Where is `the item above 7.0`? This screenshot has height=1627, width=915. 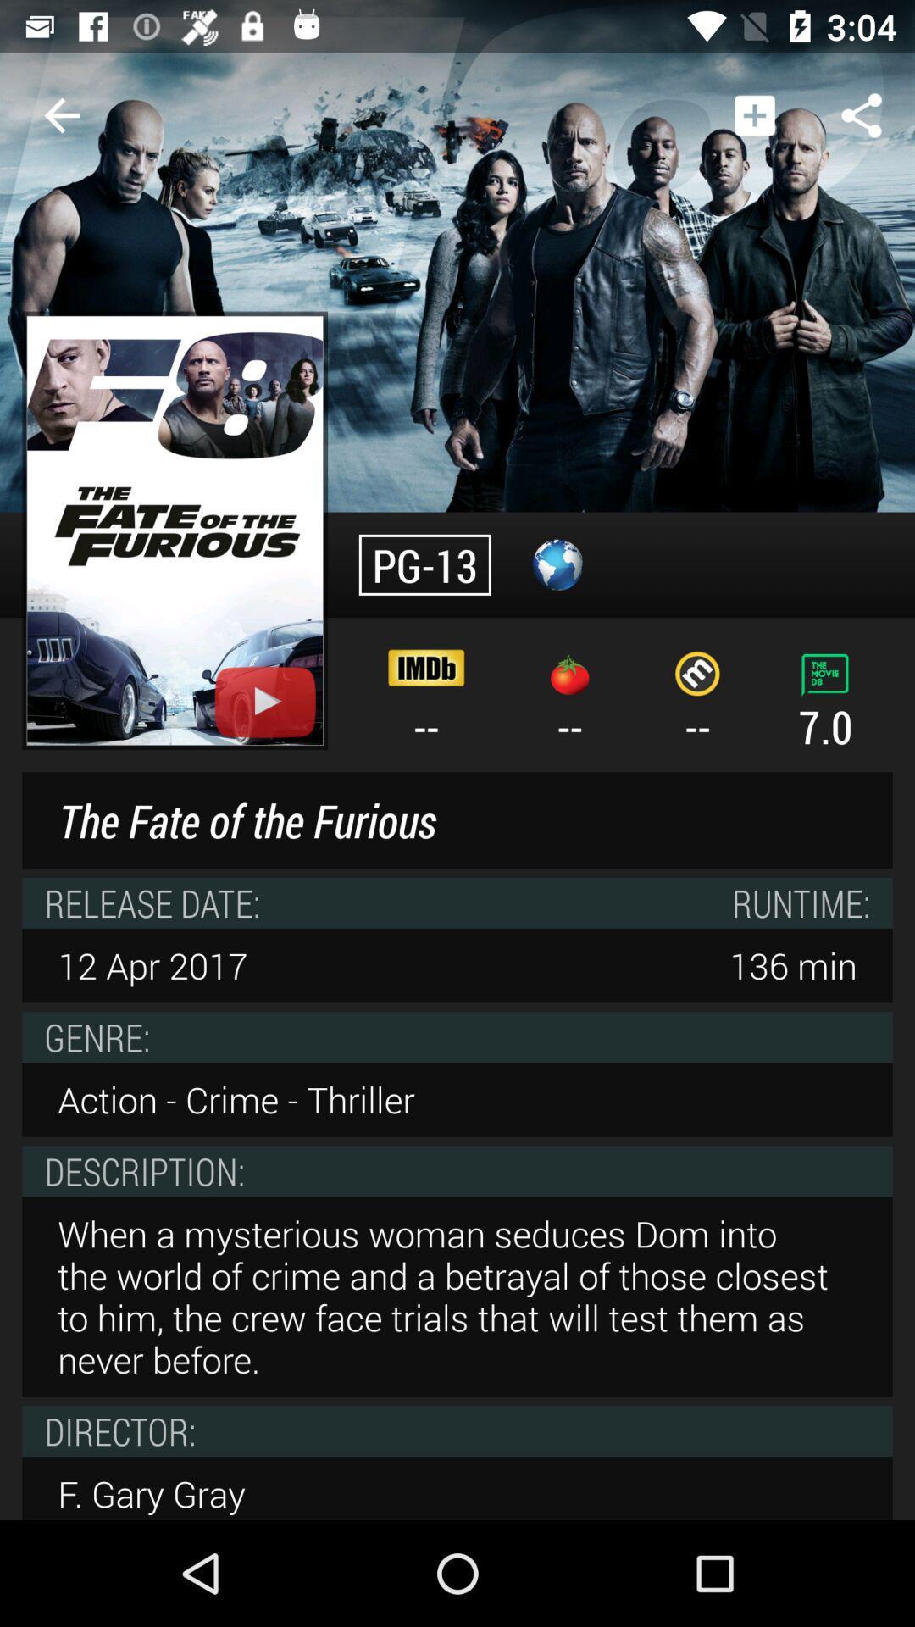 the item above 7.0 is located at coordinates (862, 114).